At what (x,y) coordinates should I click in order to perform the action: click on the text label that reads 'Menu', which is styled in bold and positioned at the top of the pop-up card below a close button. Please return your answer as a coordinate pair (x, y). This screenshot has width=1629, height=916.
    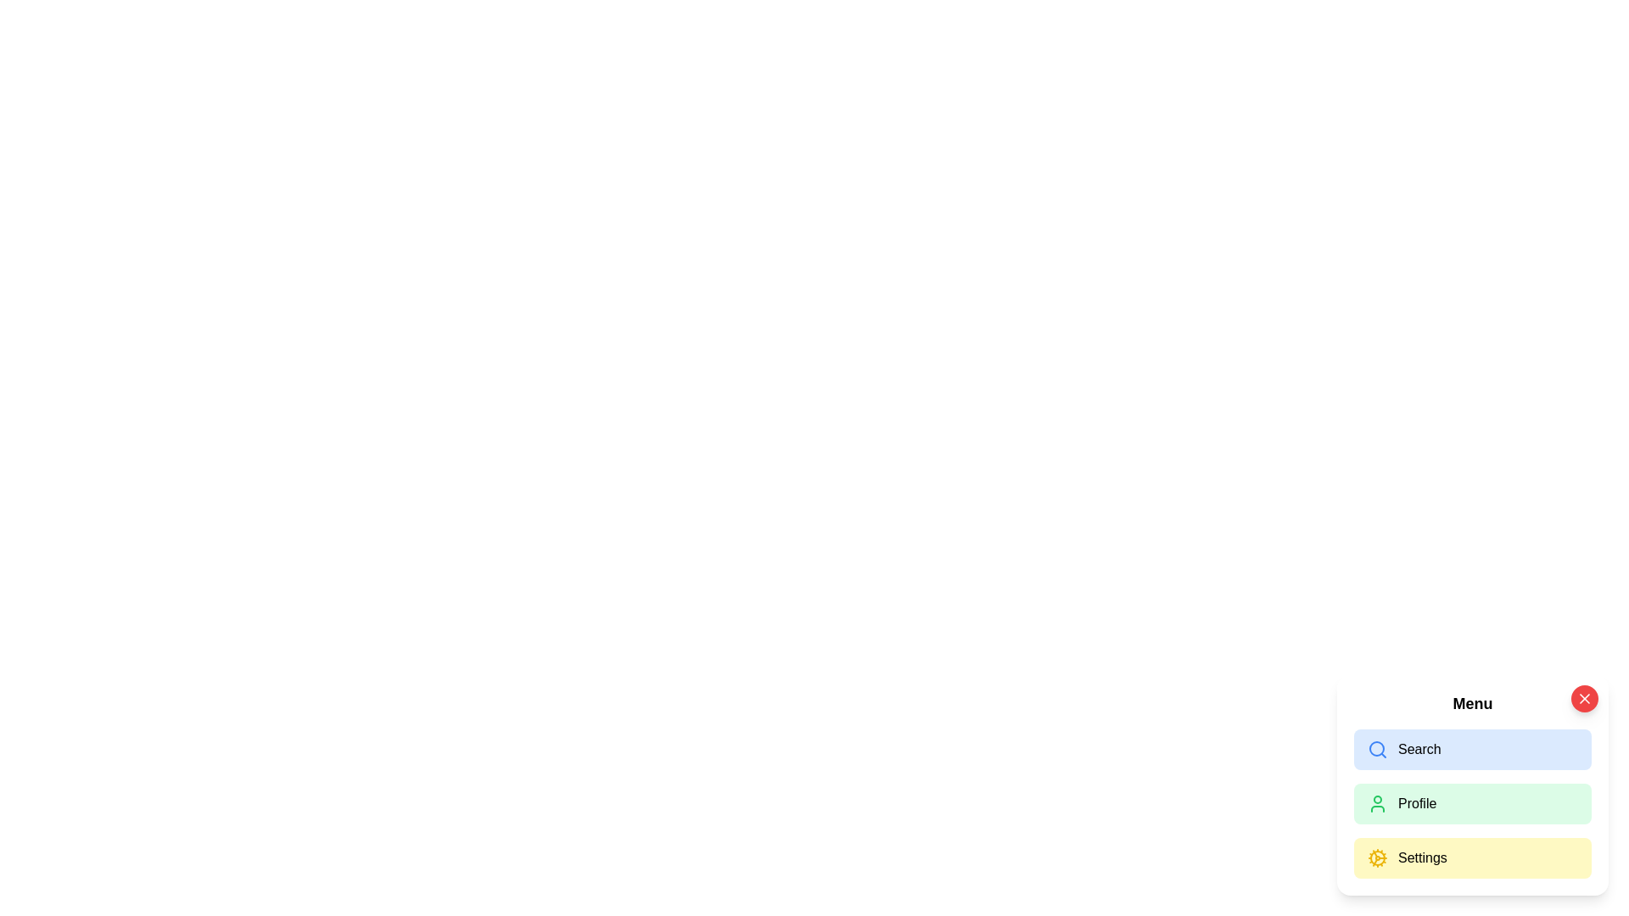
    Looking at the image, I should click on (1472, 703).